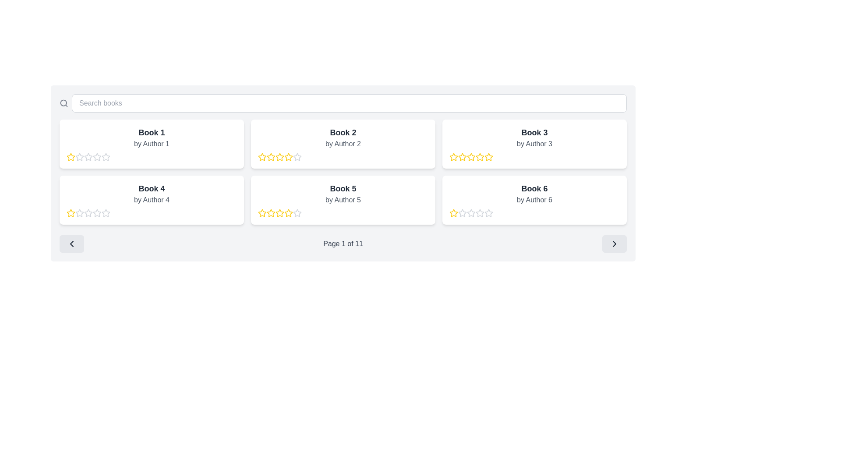  I want to click on the text label displaying 'Book 6', which is styled with a bold, large font in dark gray, located at the top of a white, rounded rectangular card in a grid layout, so click(534, 188).